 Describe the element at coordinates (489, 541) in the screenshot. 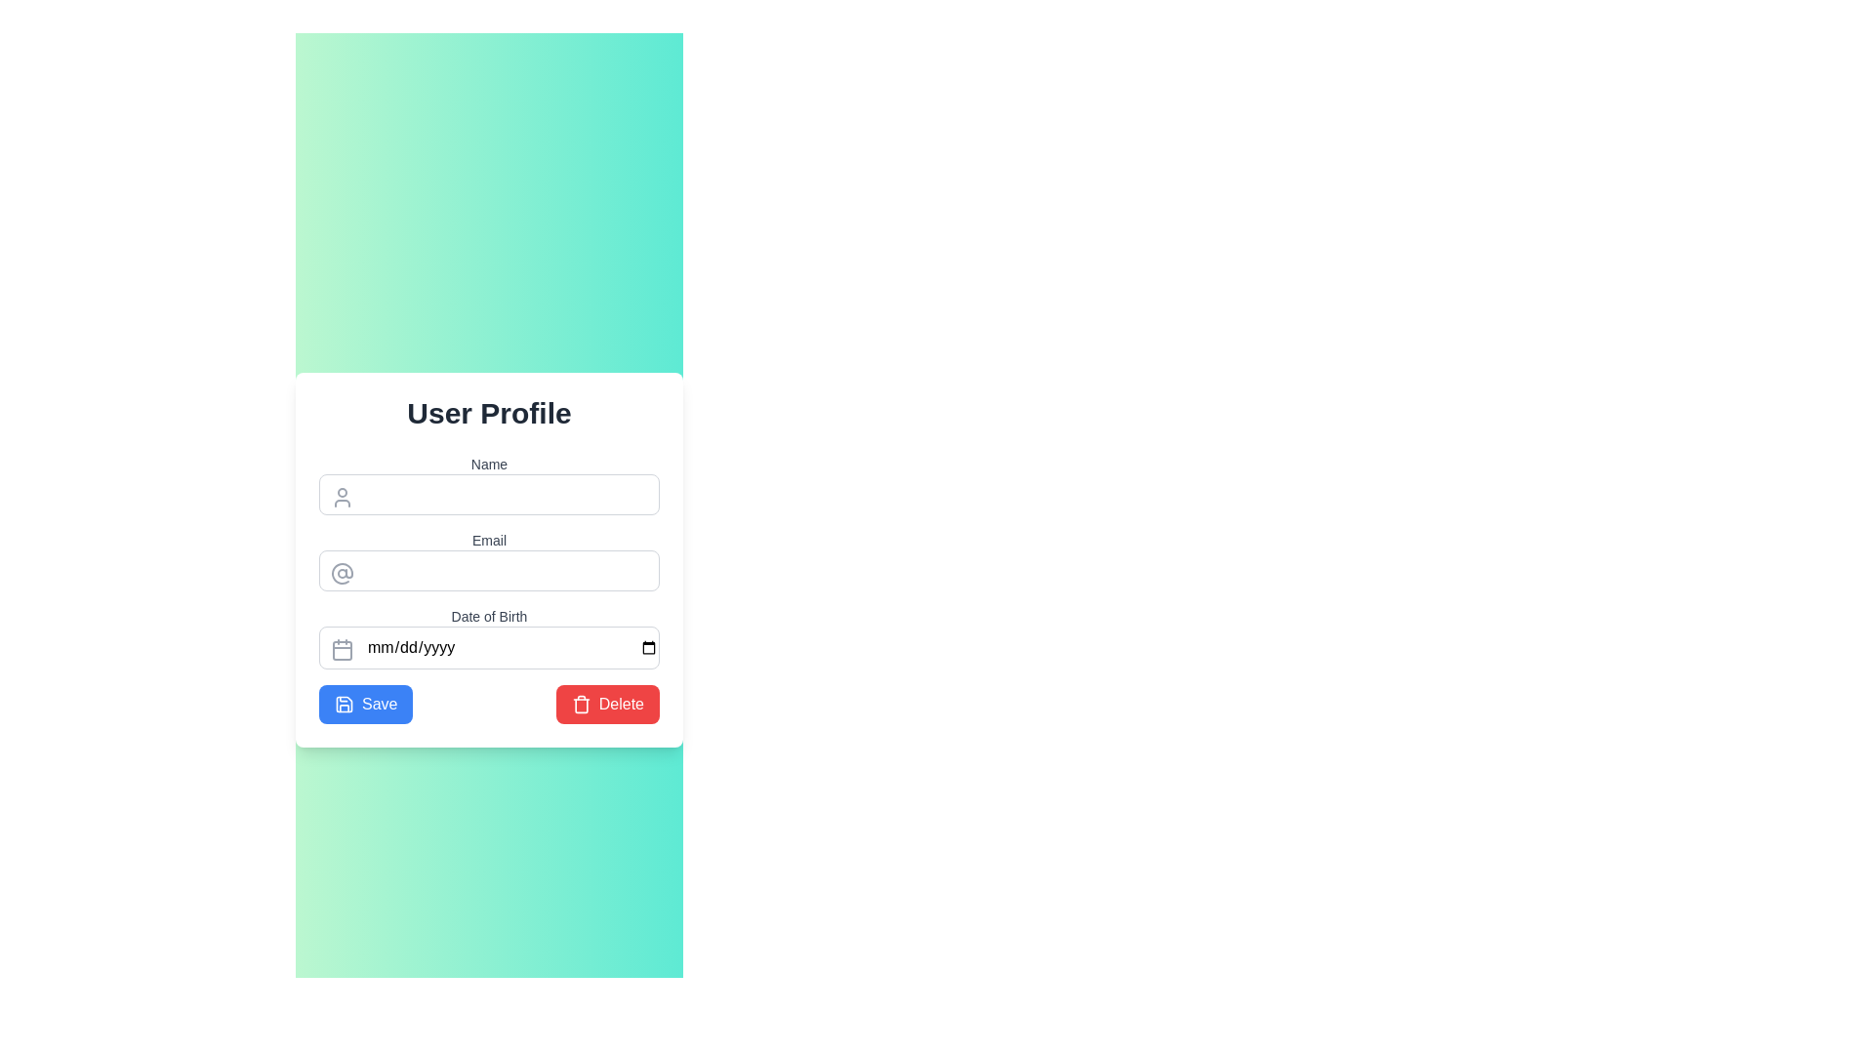

I see `the 'Email' text label, which is styled in medium font size and gray color, located prominently above the email input field in the center section of the form layout` at that location.